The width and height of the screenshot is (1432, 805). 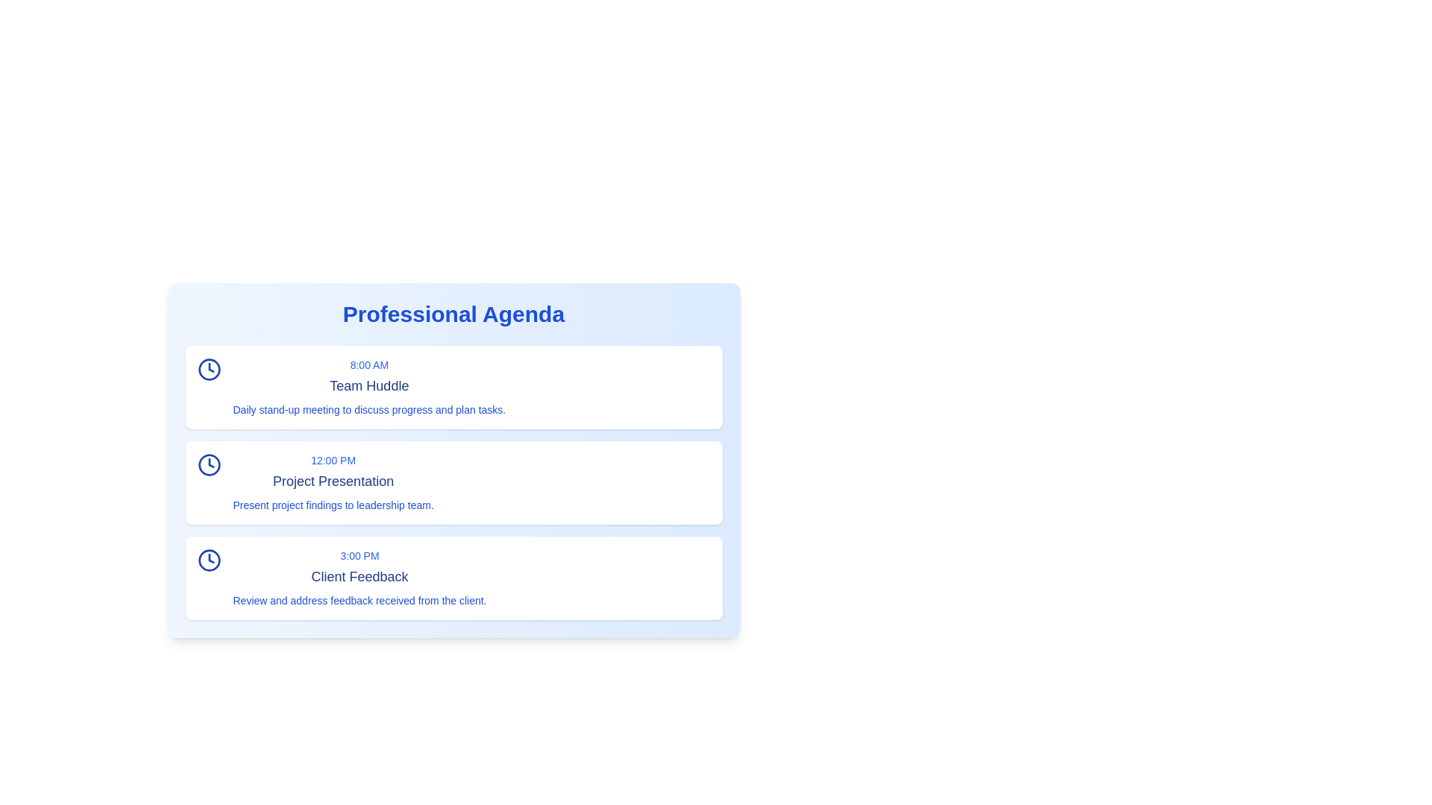 What do you see at coordinates (369, 364) in the screenshot?
I see `the Text Label displaying '8:00 AM' in blue font, located in the top left of the first agenda item` at bounding box center [369, 364].